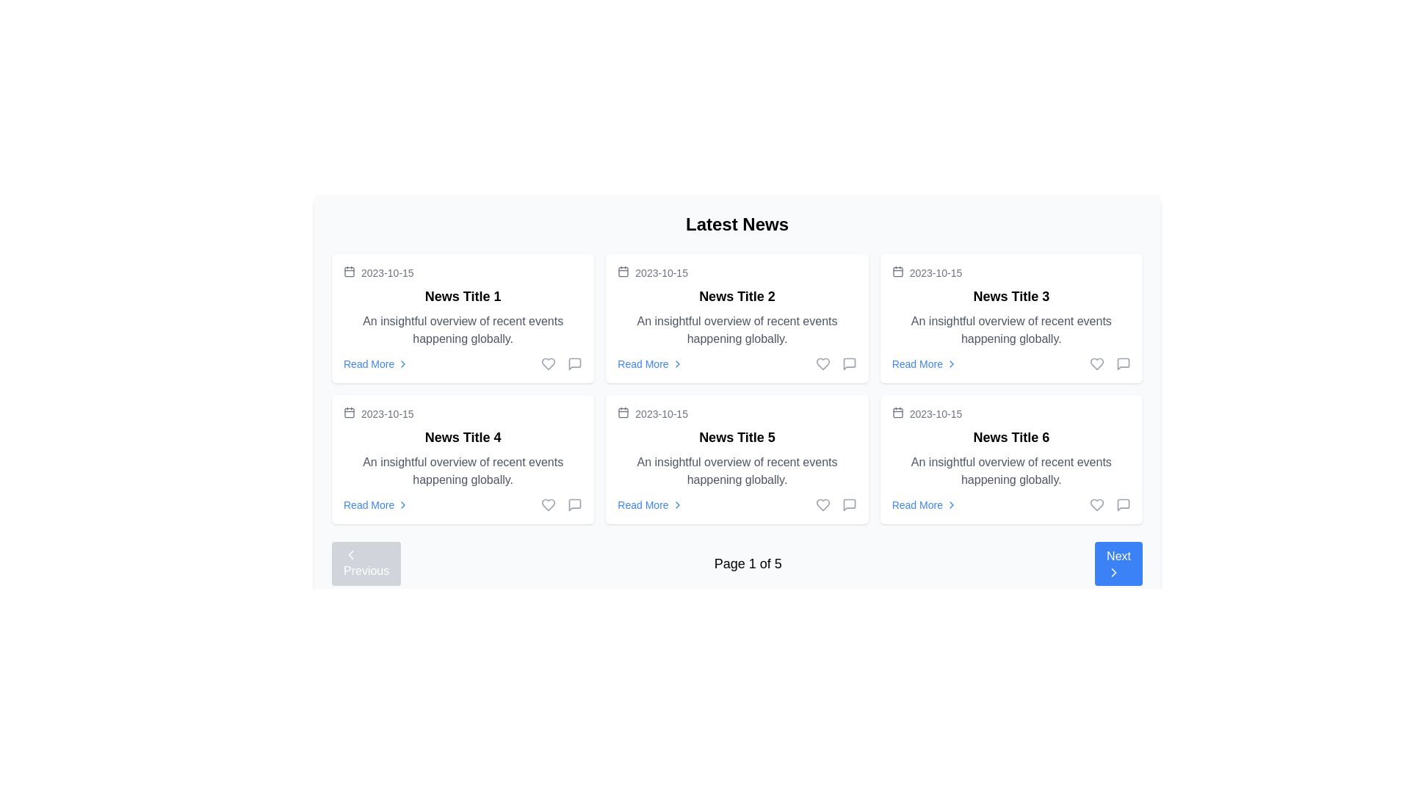  What do you see at coordinates (897, 413) in the screenshot?
I see `the SVG calendar icon located at the beginning of the date text '2023-10-15' in the top-right card below 'News Title 3'` at bounding box center [897, 413].